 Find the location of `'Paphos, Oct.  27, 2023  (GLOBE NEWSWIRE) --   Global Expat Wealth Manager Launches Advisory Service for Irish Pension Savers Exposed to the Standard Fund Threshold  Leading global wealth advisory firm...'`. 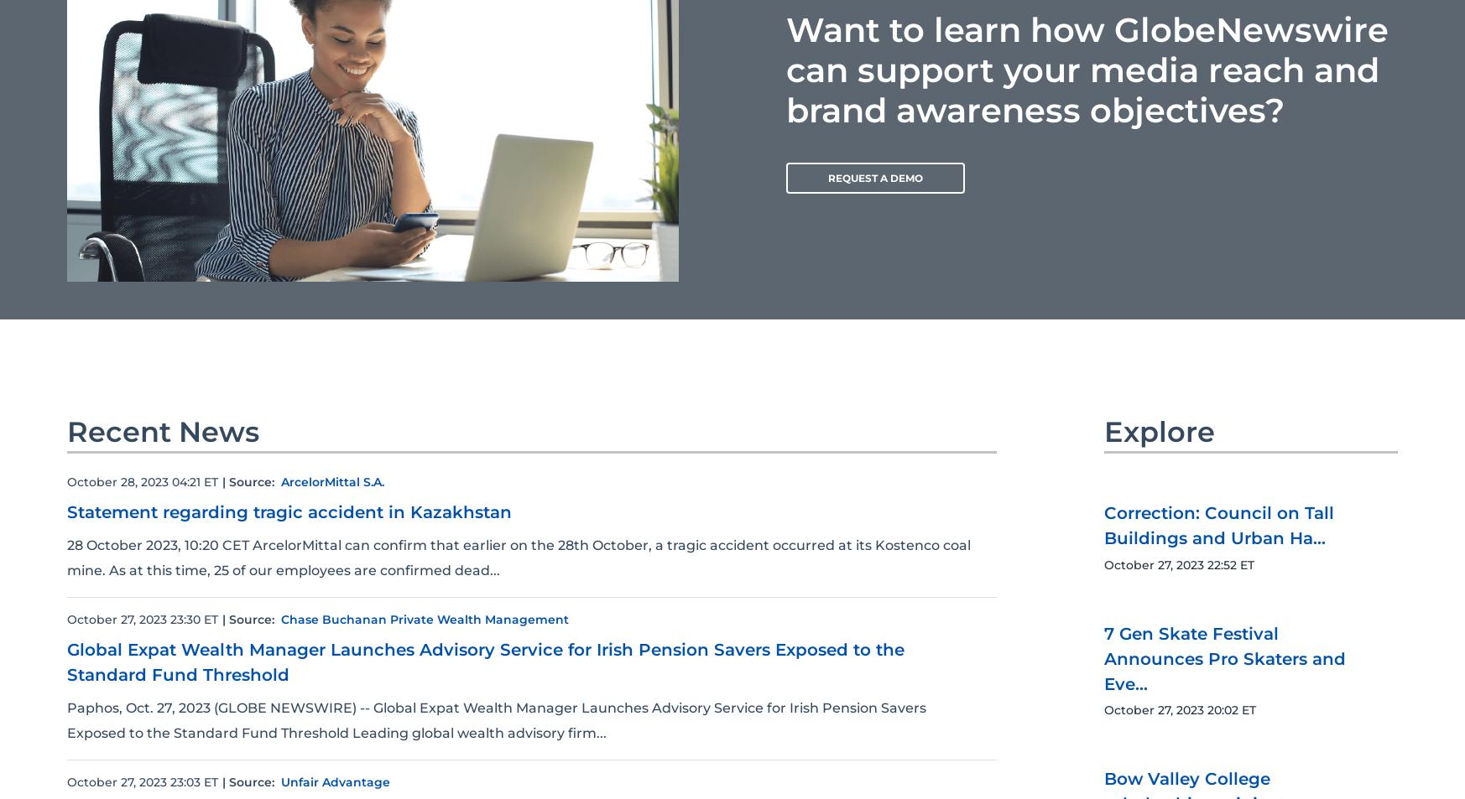

'Paphos, Oct.  27, 2023  (GLOBE NEWSWIRE) --   Global Expat Wealth Manager Launches Advisory Service for Irish Pension Savers Exposed to the Standard Fund Threshold  Leading global wealth advisory firm...' is located at coordinates (496, 720).